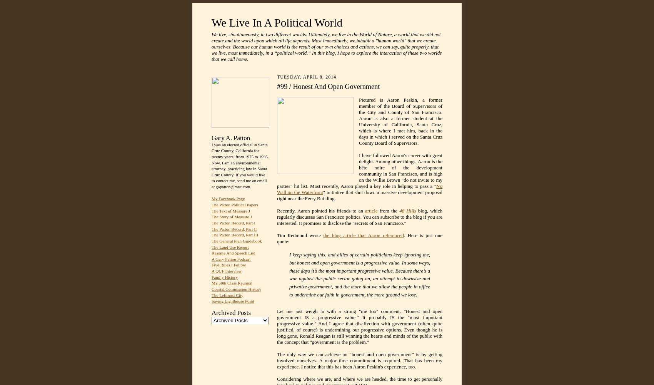 Image resolution: width=654 pixels, height=385 pixels. I want to click on '#99 / Honest And Open Government', so click(328, 86).